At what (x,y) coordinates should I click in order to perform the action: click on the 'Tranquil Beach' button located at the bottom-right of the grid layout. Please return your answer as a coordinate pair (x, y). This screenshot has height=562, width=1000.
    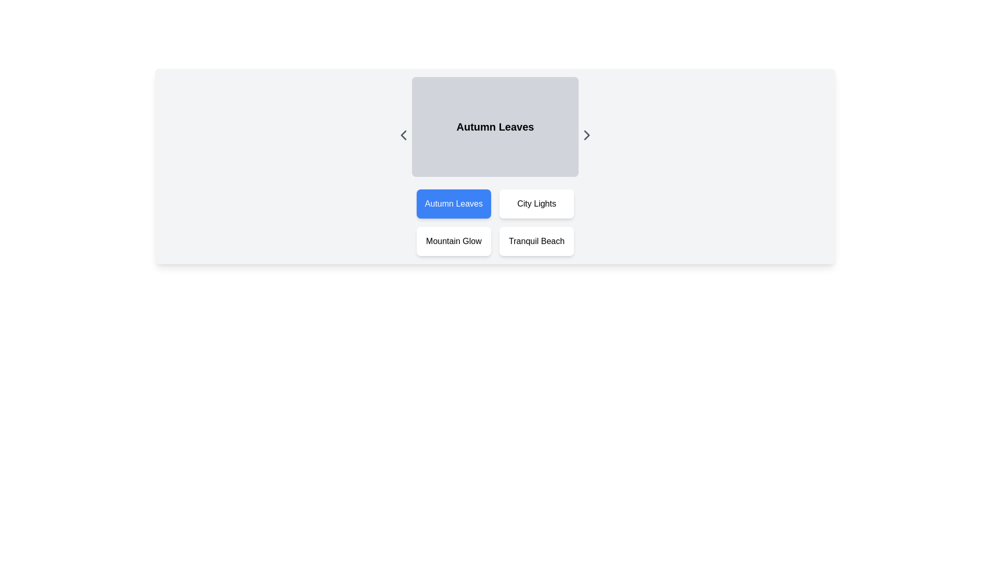
    Looking at the image, I should click on (536, 241).